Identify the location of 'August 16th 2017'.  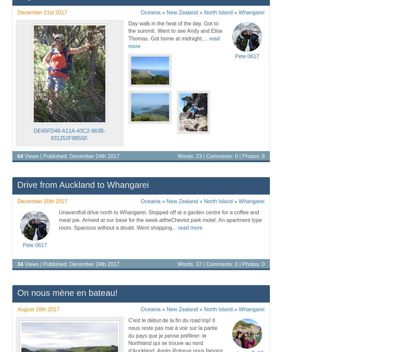
(38, 309).